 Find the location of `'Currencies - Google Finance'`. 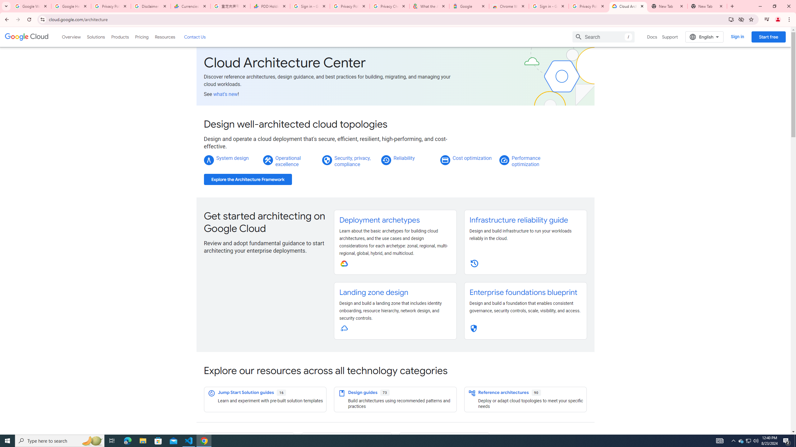

'Currencies - Google Finance' is located at coordinates (190, 6).